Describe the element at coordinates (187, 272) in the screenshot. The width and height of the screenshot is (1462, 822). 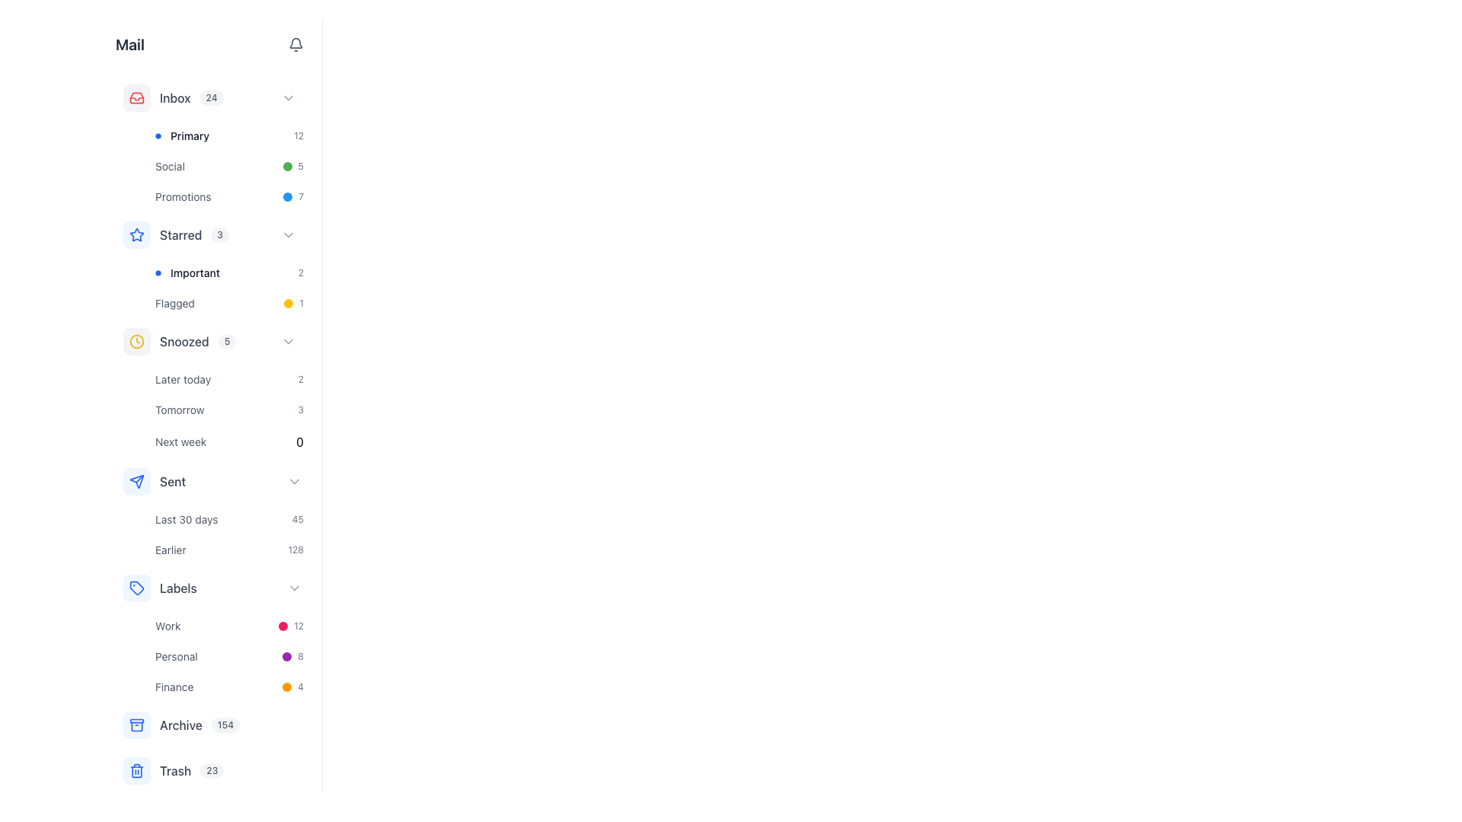
I see `the 'Important' label located in the left sidebar, directly under the 'Starred' section` at that location.